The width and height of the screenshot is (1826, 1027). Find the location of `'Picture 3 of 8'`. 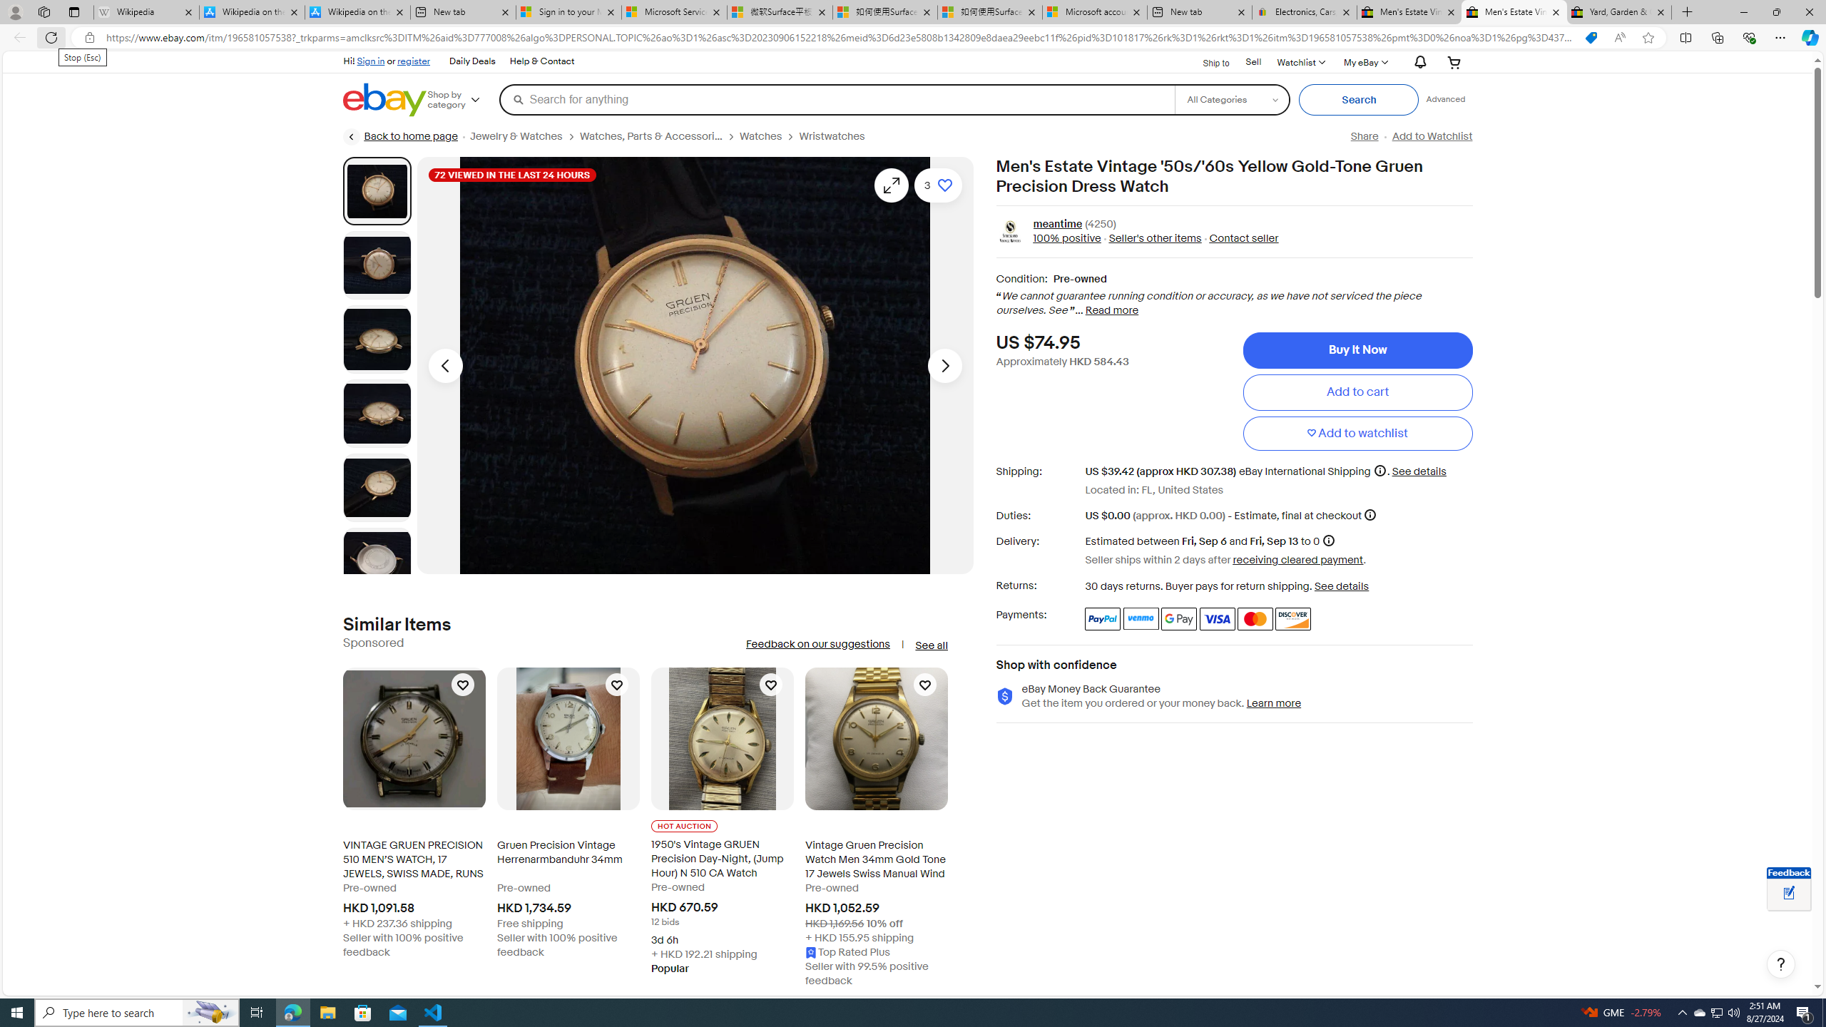

'Picture 3 of 8' is located at coordinates (376, 338).